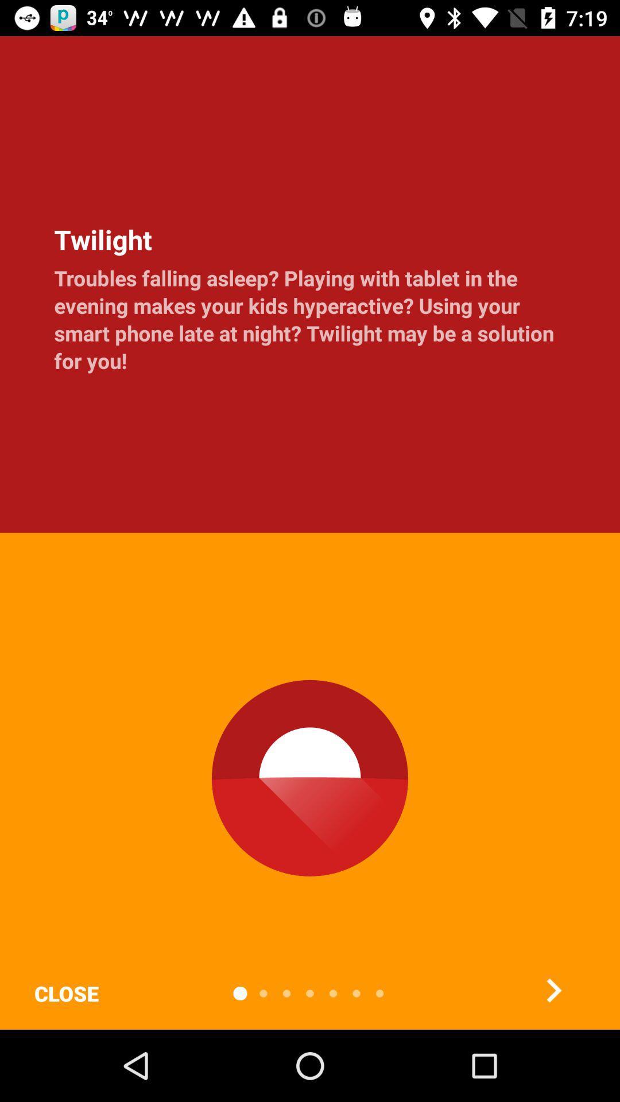 The image size is (620, 1102). Describe the element at coordinates (66, 993) in the screenshot. I see `the close item` at that location.